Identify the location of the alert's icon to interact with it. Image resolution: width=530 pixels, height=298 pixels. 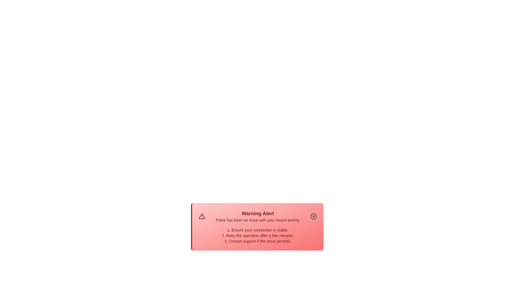
(202, 216).